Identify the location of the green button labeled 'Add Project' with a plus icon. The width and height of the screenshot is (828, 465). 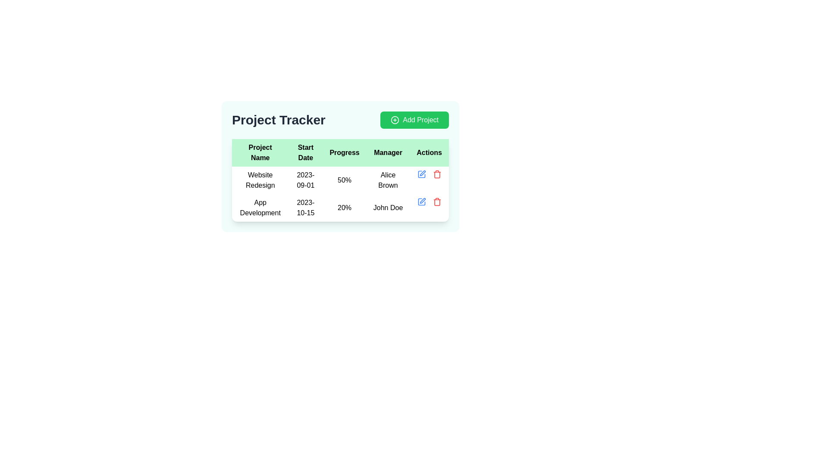
(414, 120).